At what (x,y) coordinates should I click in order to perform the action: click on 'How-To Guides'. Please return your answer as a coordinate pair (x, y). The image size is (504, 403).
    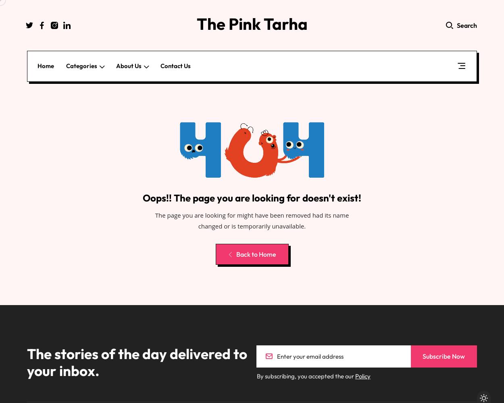
    Looking at the image, I should click on (76, 144).